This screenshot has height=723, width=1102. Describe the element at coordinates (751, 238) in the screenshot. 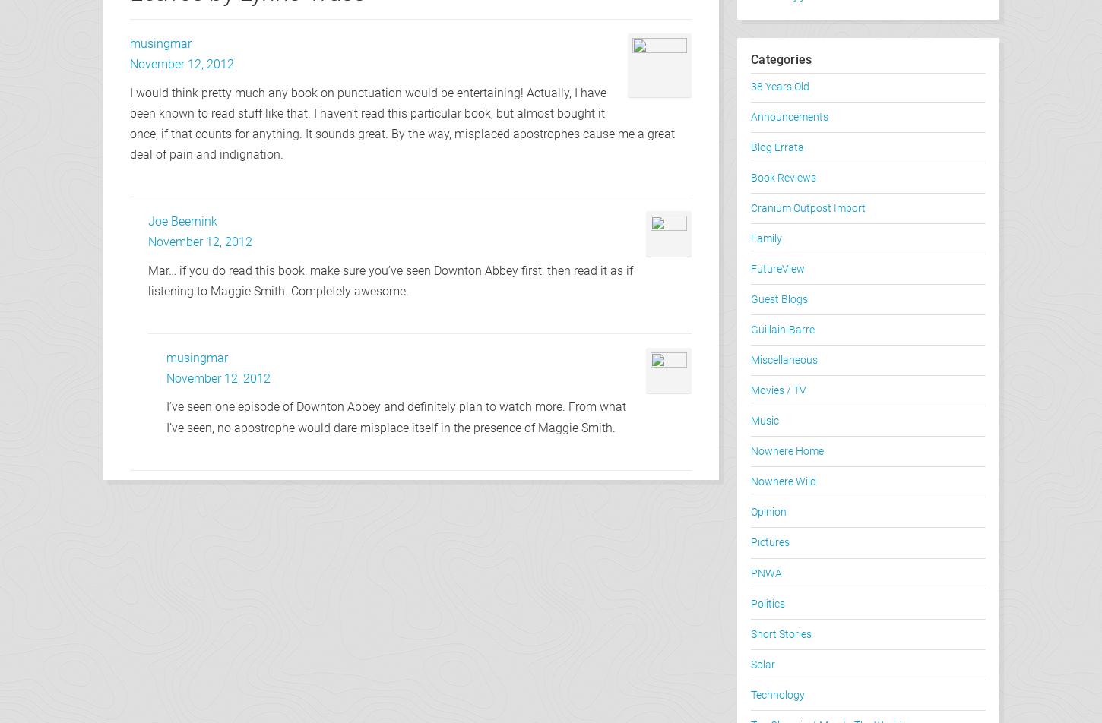

I see `'Family'` at that location.